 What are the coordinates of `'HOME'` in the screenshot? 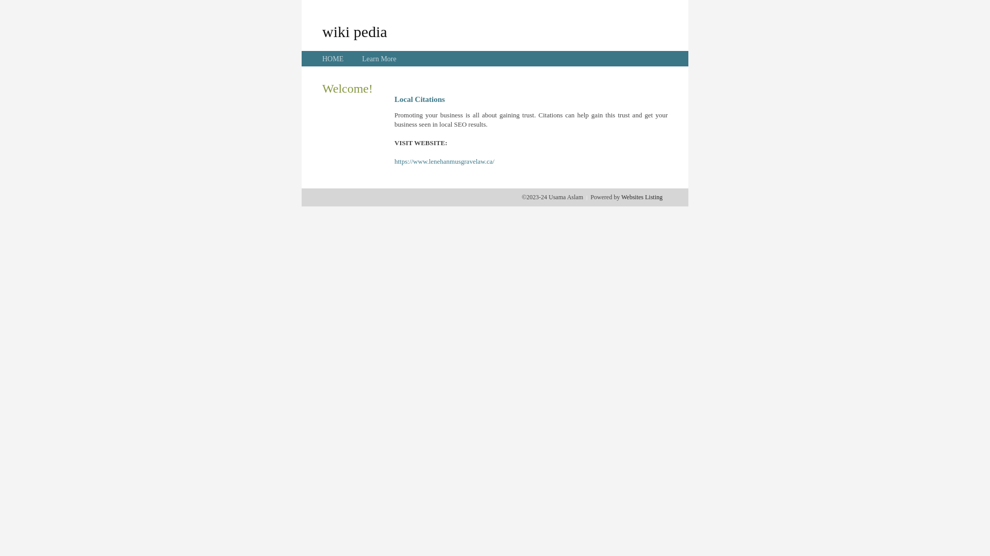 It's located at (333, 59).